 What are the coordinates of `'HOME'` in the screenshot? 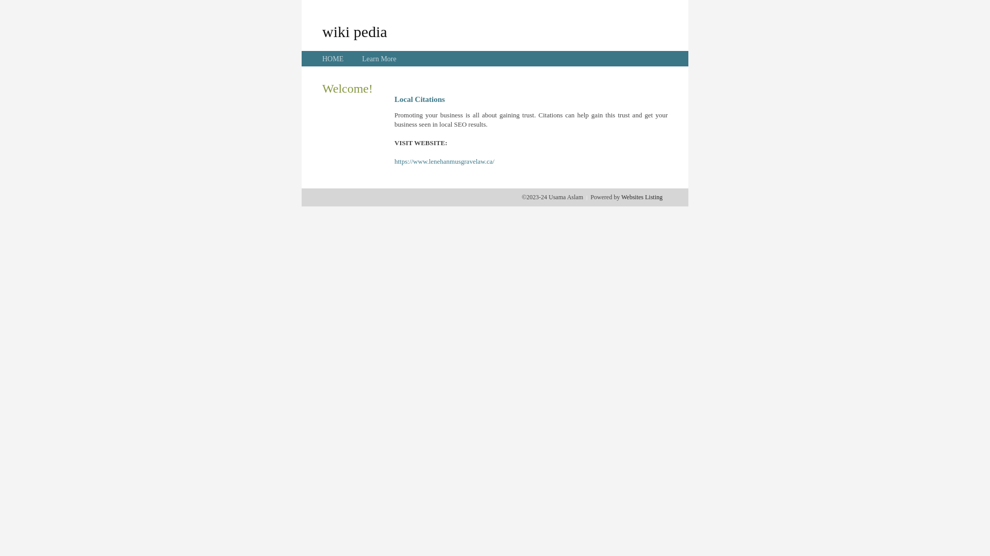 It's located at (333, 59).